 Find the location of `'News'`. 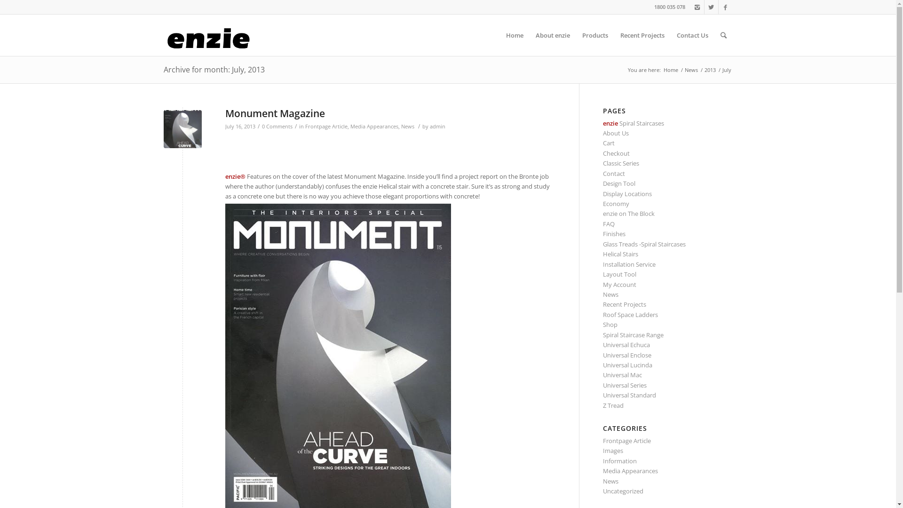

'News' is located at coordinates (610, 294).